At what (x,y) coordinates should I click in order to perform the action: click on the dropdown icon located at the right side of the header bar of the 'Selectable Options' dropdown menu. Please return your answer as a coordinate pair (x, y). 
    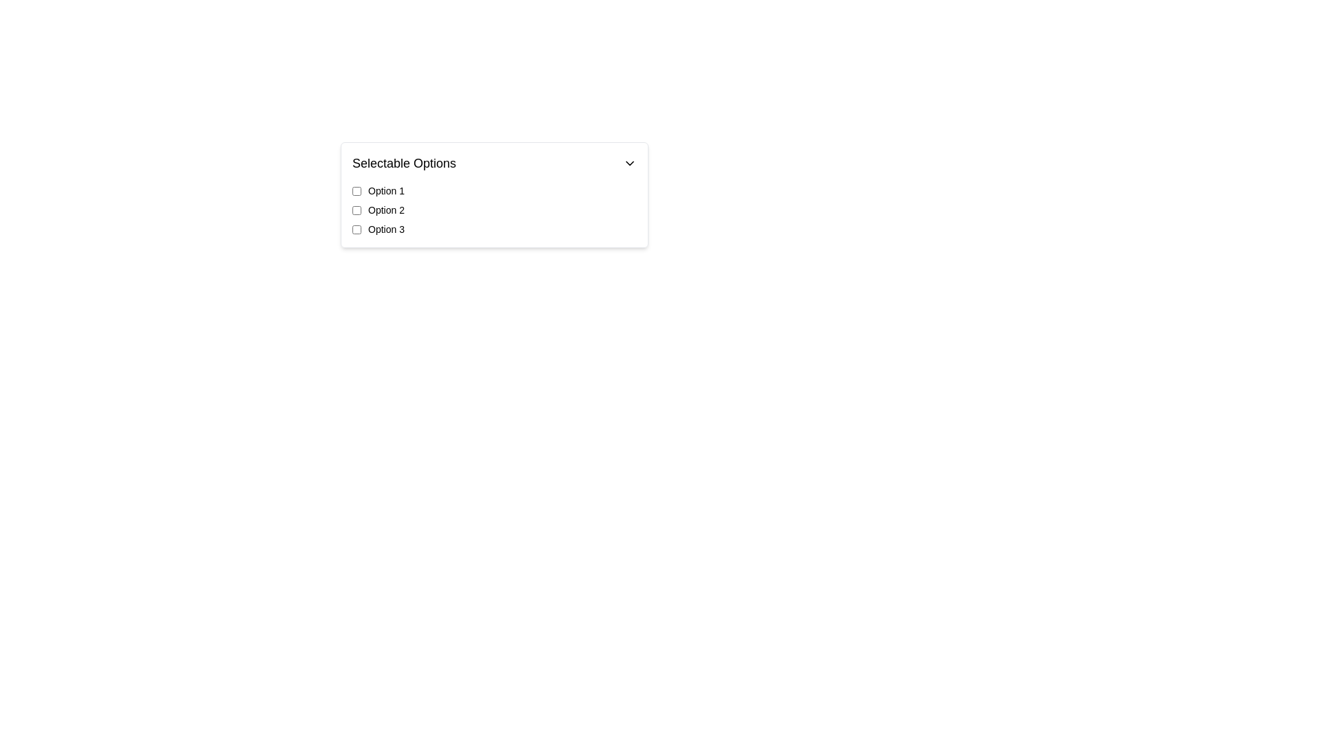
    Looking at the image, I should click on (629, 163).